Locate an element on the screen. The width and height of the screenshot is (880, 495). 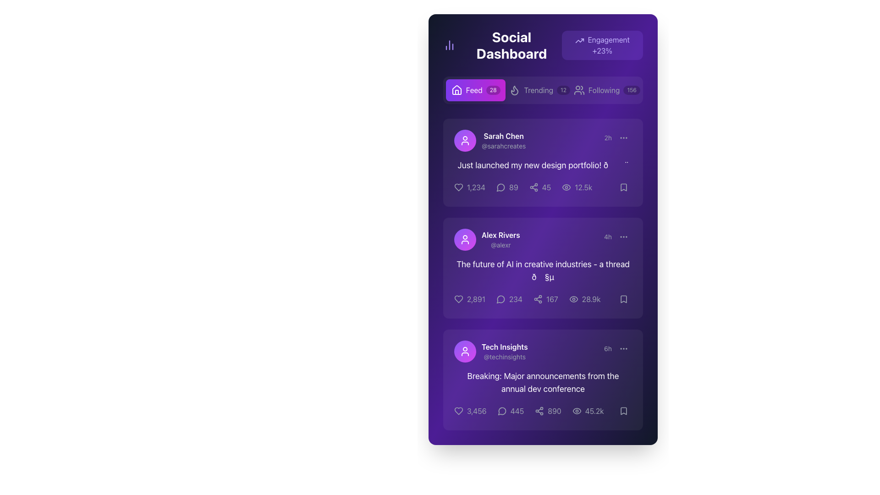
the share icon in the interactive engagement metric display, which represents the number of shares for the associated post, located centrally within the first post card is located at coordinates (539, 187).